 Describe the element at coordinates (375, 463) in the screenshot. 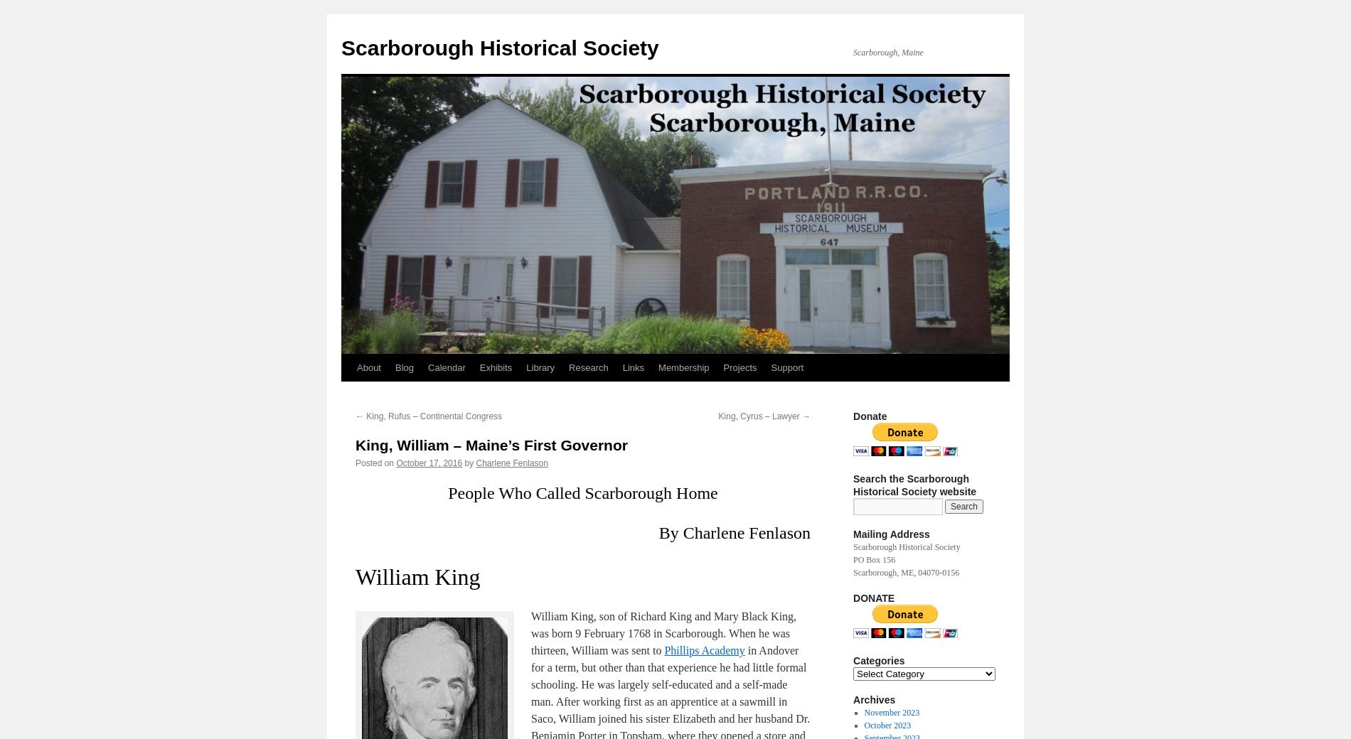

I see `'Posted on'` at that location.